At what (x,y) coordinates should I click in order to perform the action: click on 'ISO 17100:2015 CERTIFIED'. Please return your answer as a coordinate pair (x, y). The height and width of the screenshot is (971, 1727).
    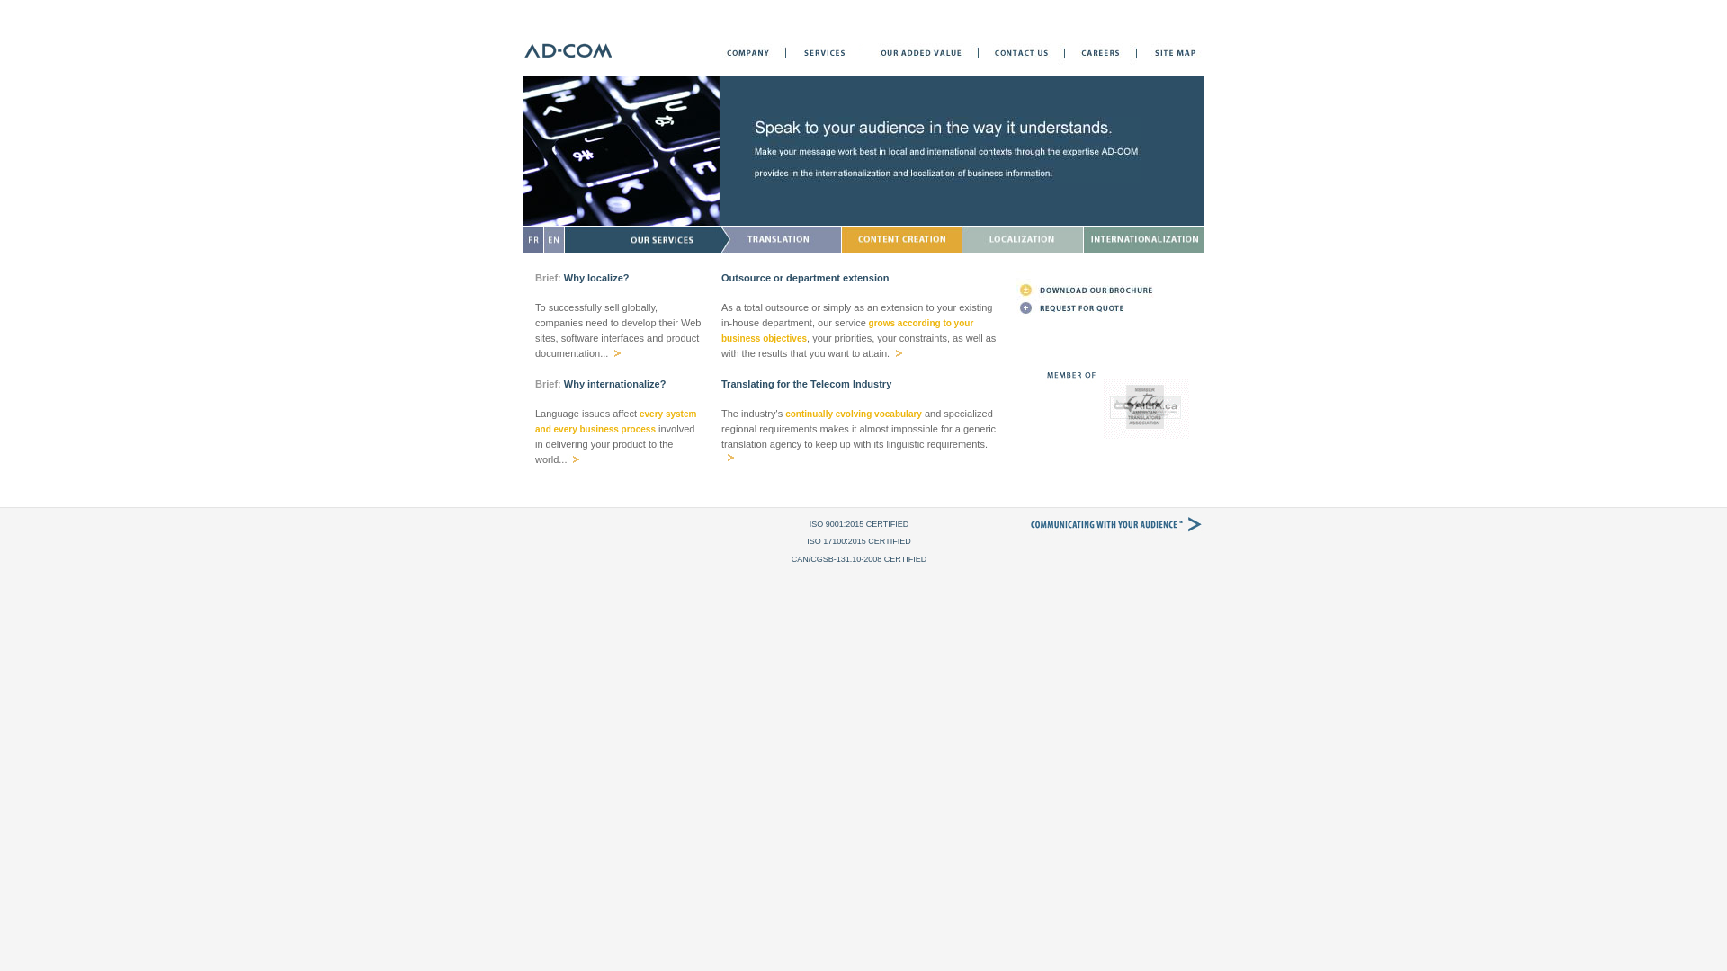
    Looking at the image, I should click on (857, 539).